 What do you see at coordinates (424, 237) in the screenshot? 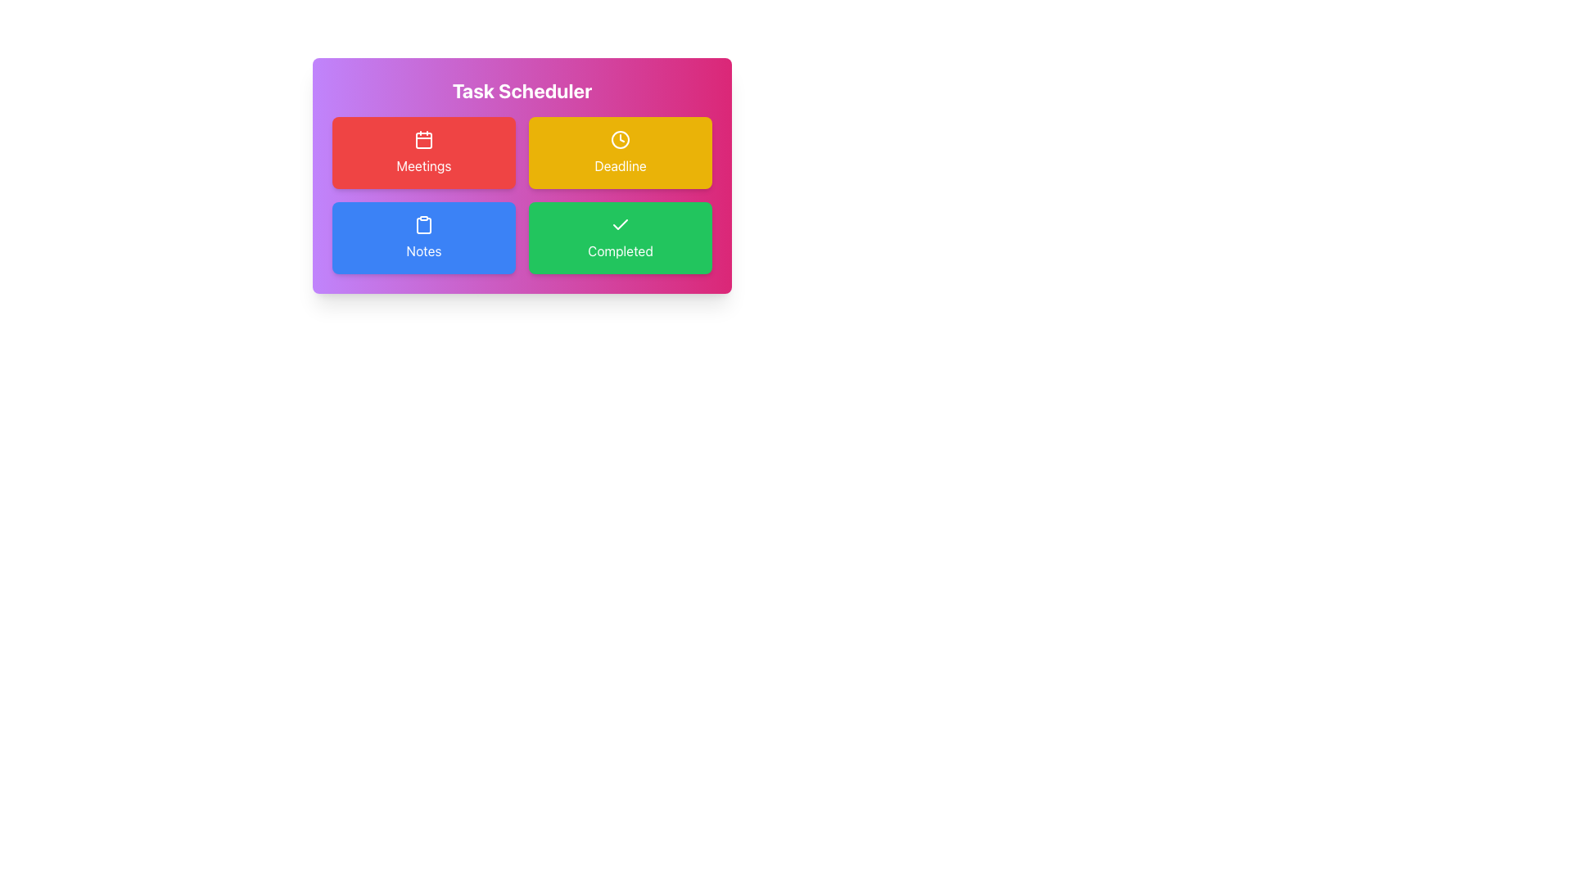
I see `the 'Notes' button` at bounding box center [424, 237].